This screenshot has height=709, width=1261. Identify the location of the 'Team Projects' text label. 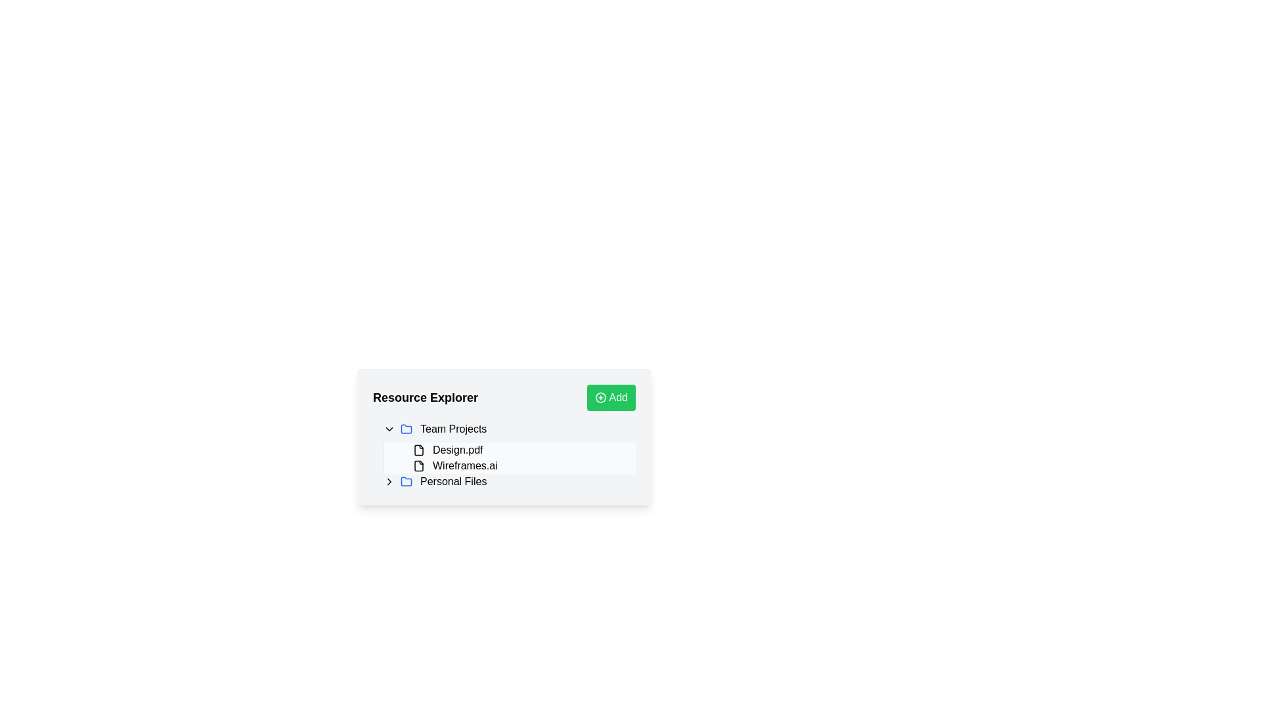
(453, 429).